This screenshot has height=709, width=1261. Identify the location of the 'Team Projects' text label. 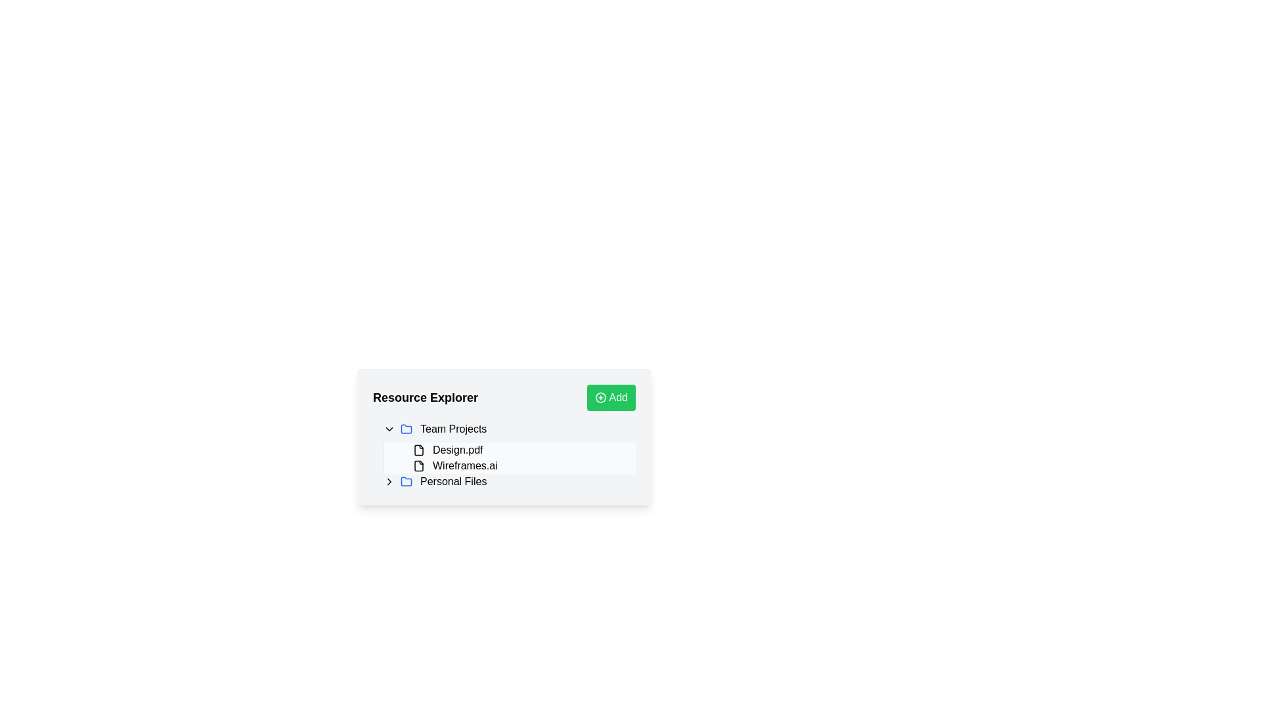
(453, 429).